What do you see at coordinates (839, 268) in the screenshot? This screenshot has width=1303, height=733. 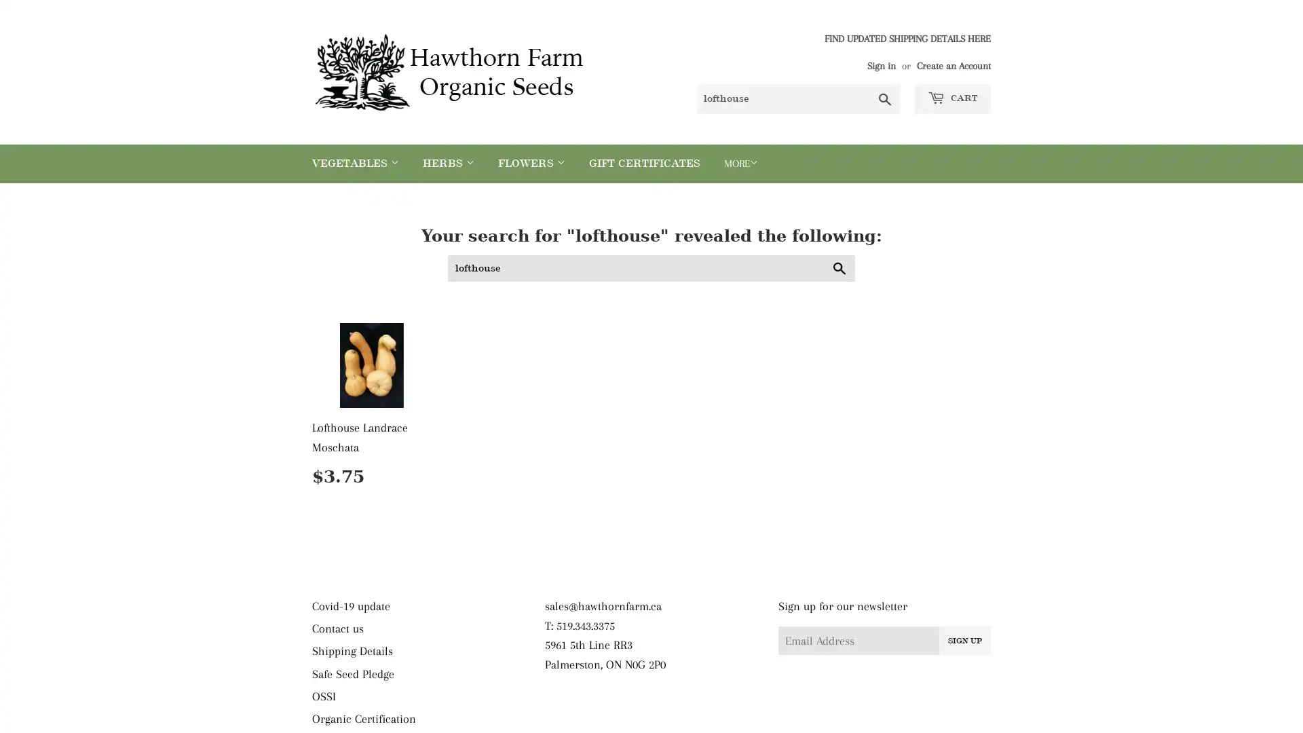 I see `Search` at bounding box center [839, 268].